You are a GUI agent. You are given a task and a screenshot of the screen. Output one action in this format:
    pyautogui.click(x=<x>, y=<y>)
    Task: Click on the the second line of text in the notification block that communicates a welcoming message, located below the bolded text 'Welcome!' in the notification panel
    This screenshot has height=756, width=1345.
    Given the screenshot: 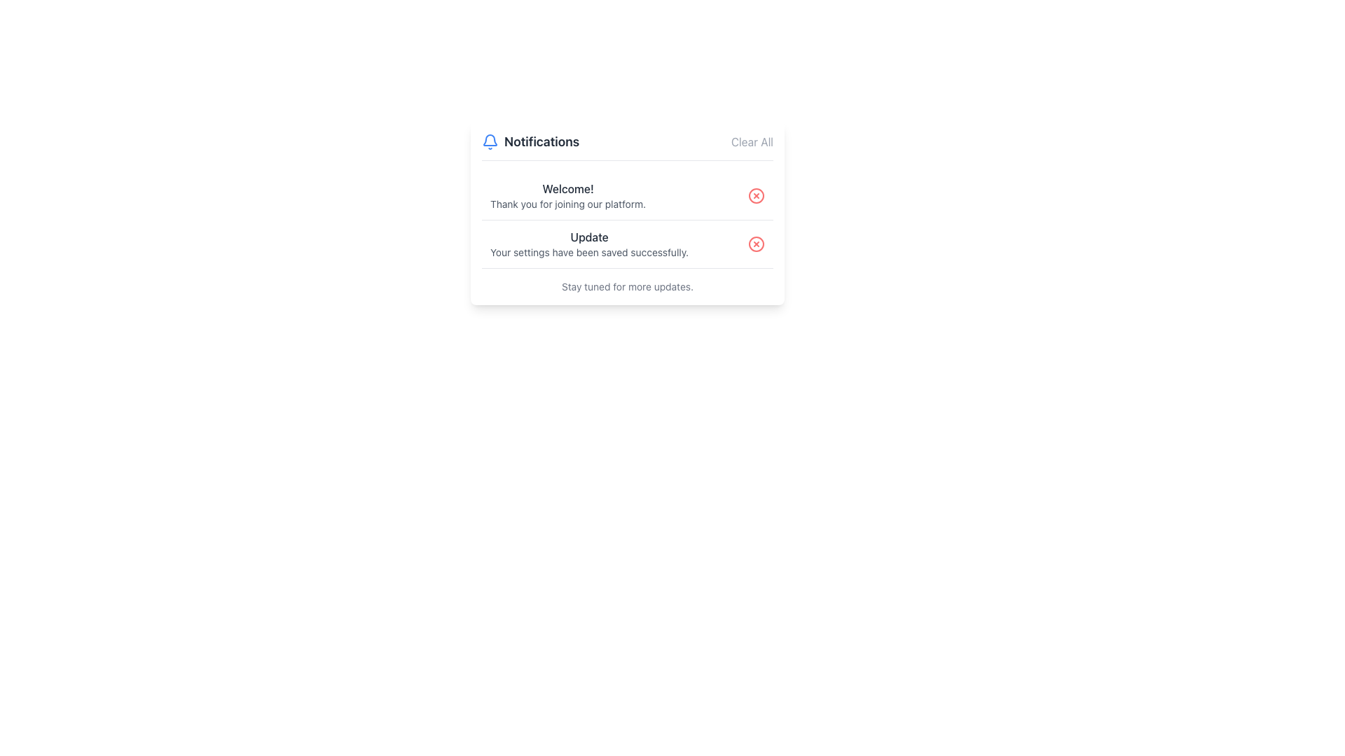 What is the action you would take?
    pyautogui.click(x=568, y=204)
    